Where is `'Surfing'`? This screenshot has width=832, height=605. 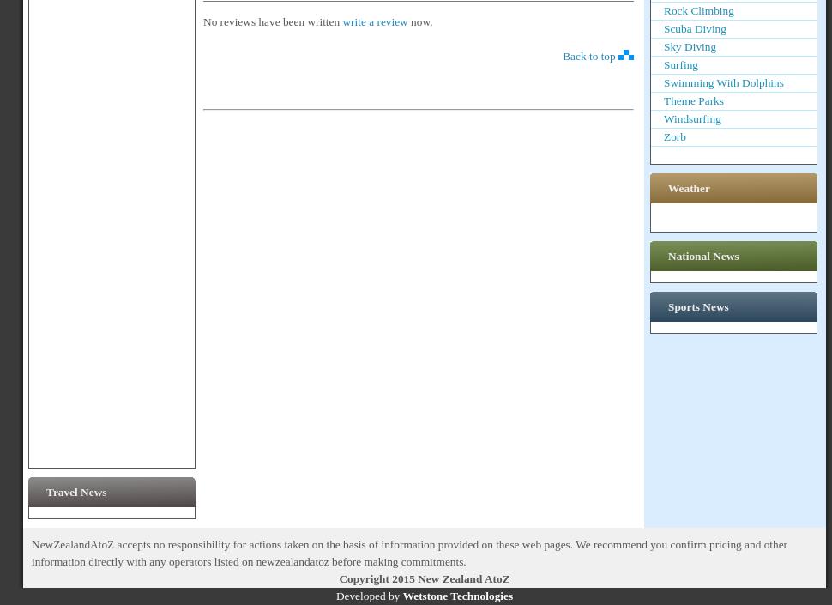
'Surfing' is located at coordinates (681, 64).